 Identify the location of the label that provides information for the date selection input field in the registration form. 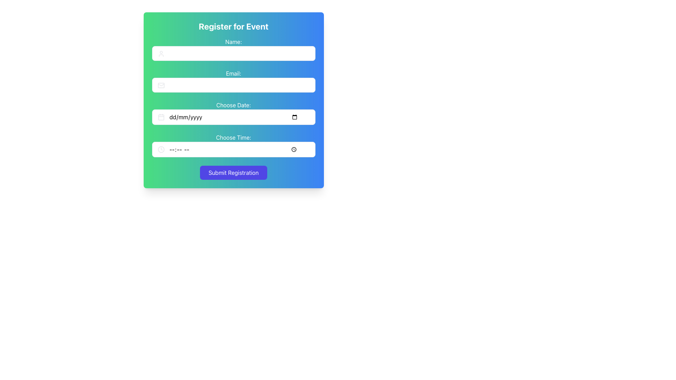
(233, 105).